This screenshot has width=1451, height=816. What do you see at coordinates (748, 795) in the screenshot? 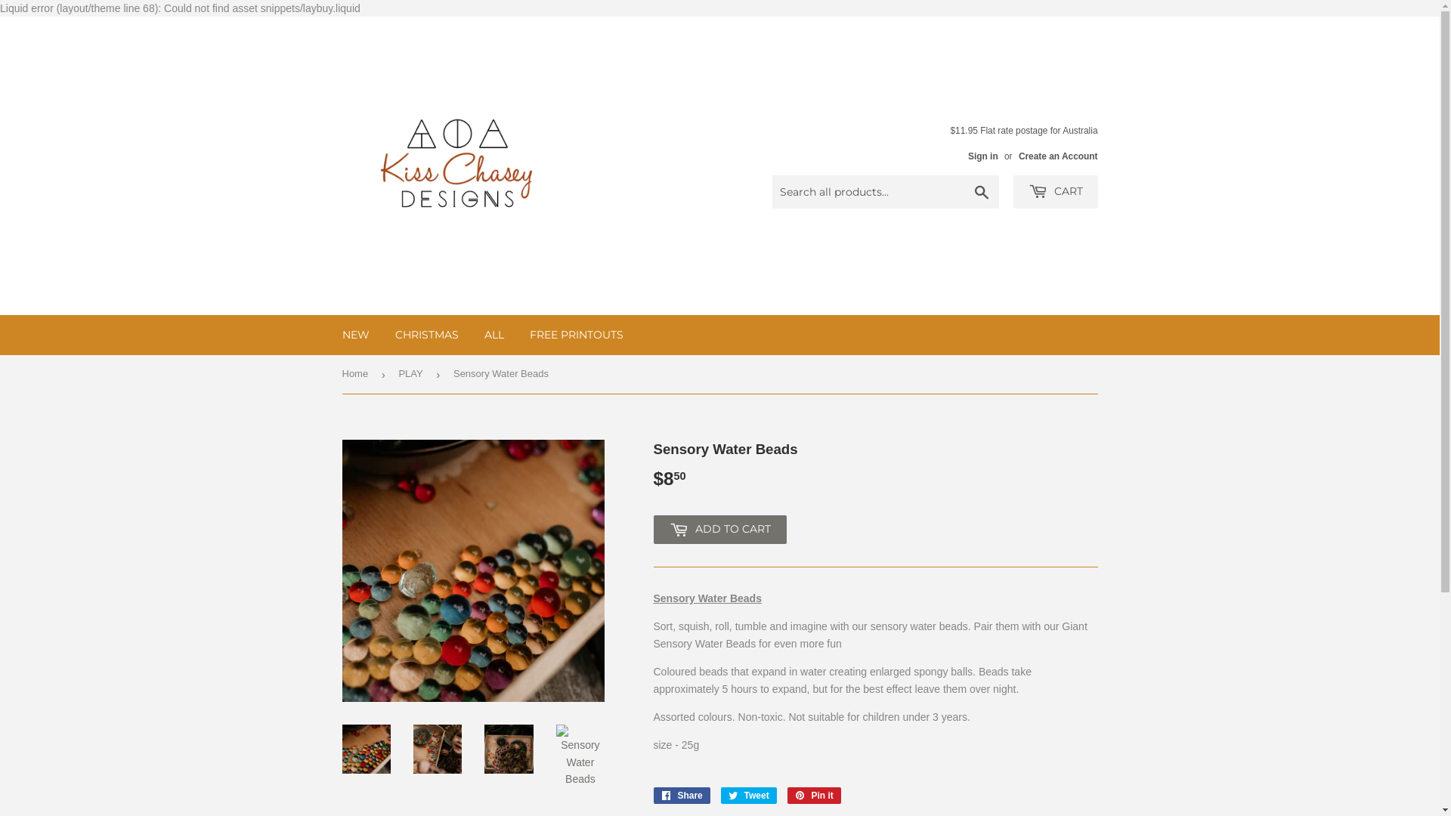
I see `'Tweet` at bounding box center [748, 795].